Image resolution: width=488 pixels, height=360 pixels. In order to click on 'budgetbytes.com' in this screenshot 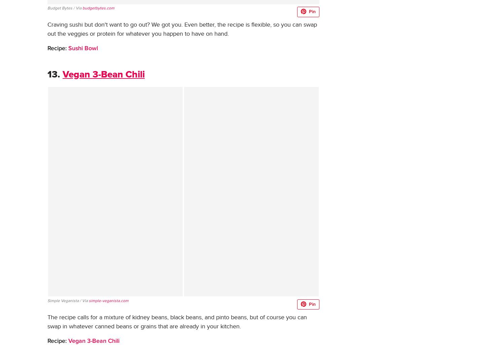, I will do `click(98, 7)`.